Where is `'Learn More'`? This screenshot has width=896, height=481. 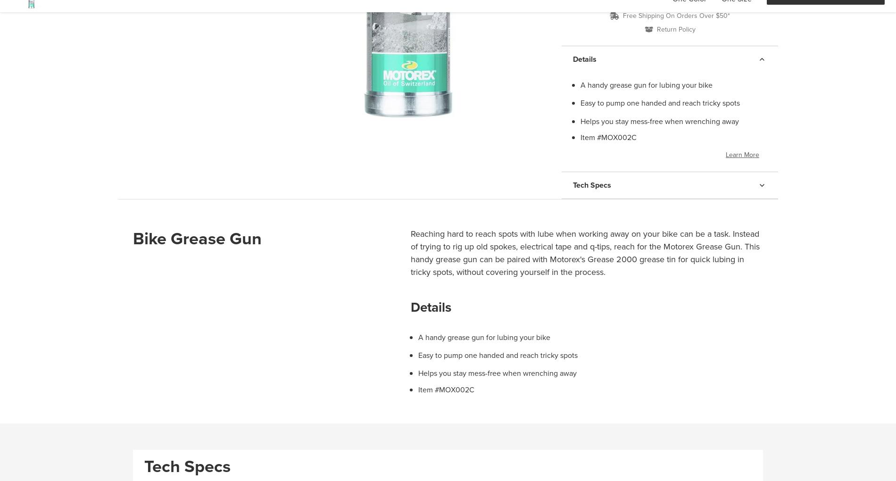 'Learn More' is located at coordinates (742, 154).